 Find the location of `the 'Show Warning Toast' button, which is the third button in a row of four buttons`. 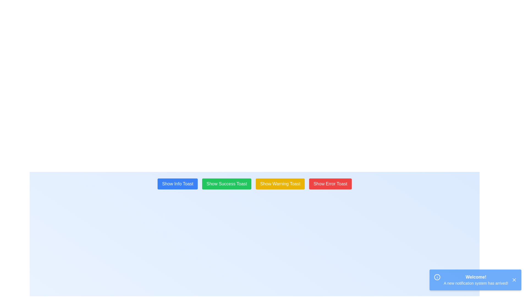

the 'Show Warning Toast' button, which is the third button in a row of four buttons is located at coordinates (280, 184).